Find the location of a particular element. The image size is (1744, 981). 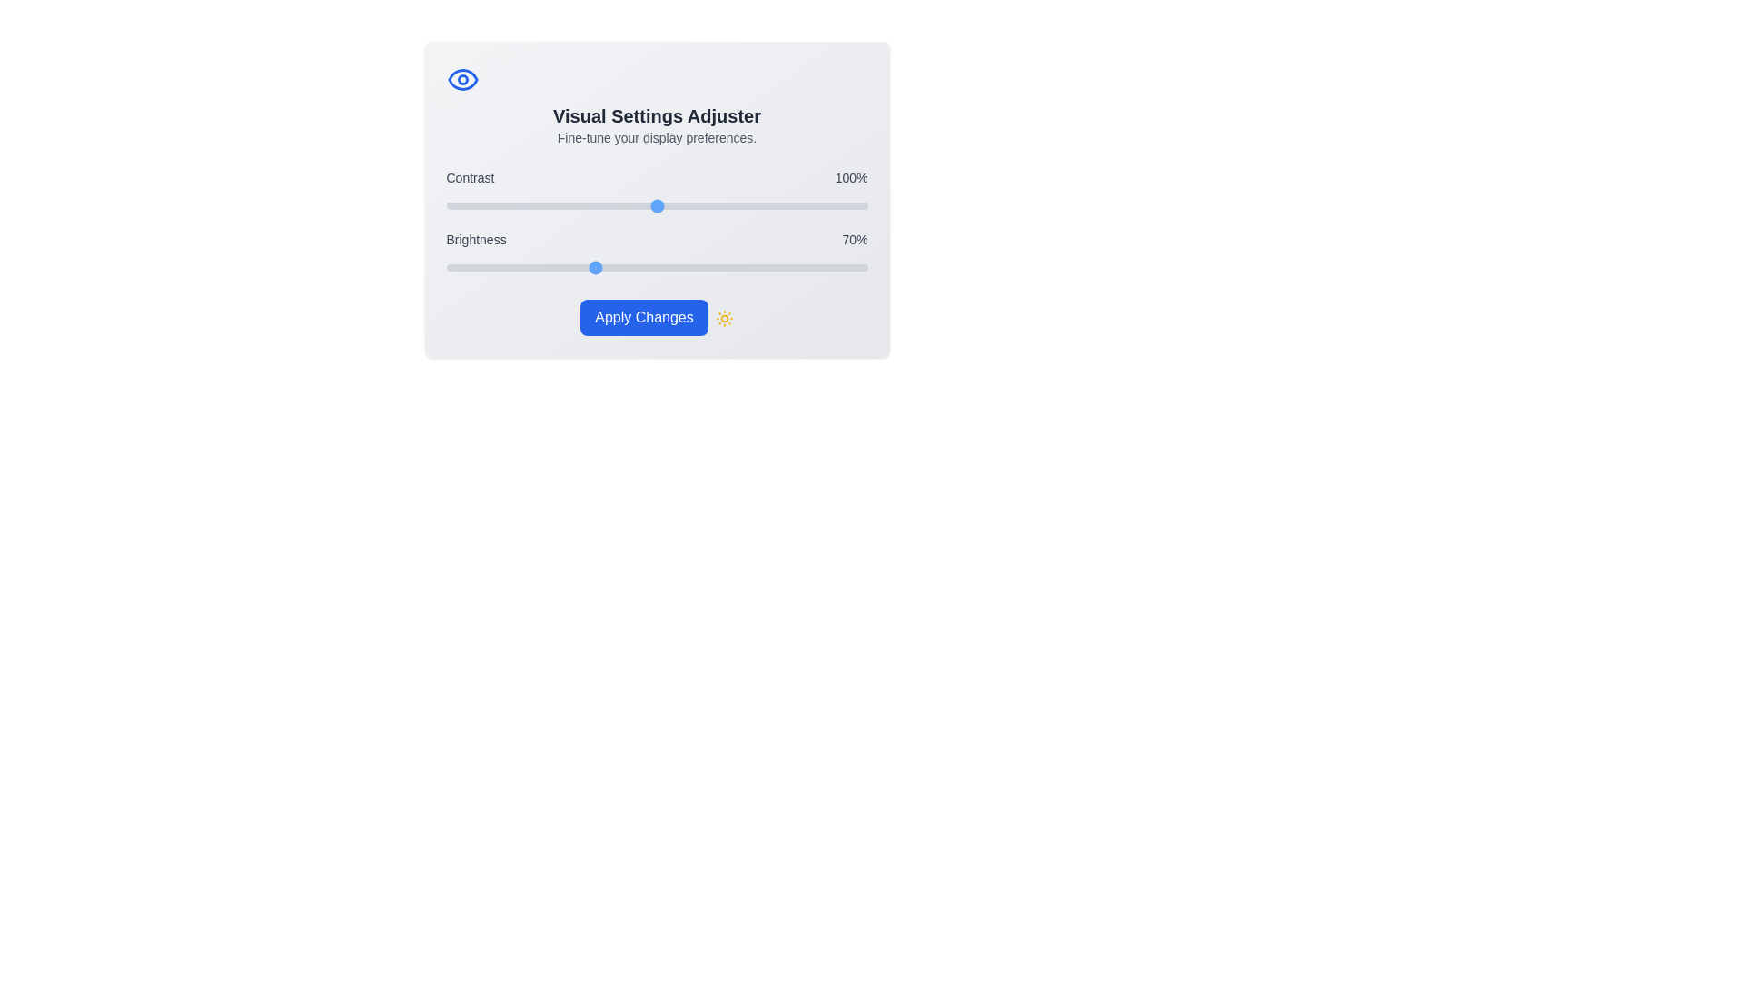

the 'Eye' icon in the header is located at coordinates (462, 79).